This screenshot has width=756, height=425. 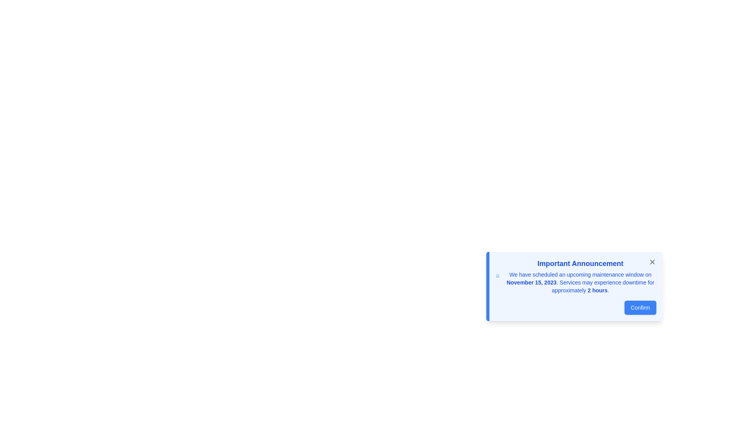 I want to click on the close button located in the top-right corner of the modal, so click(x=652, y=262).